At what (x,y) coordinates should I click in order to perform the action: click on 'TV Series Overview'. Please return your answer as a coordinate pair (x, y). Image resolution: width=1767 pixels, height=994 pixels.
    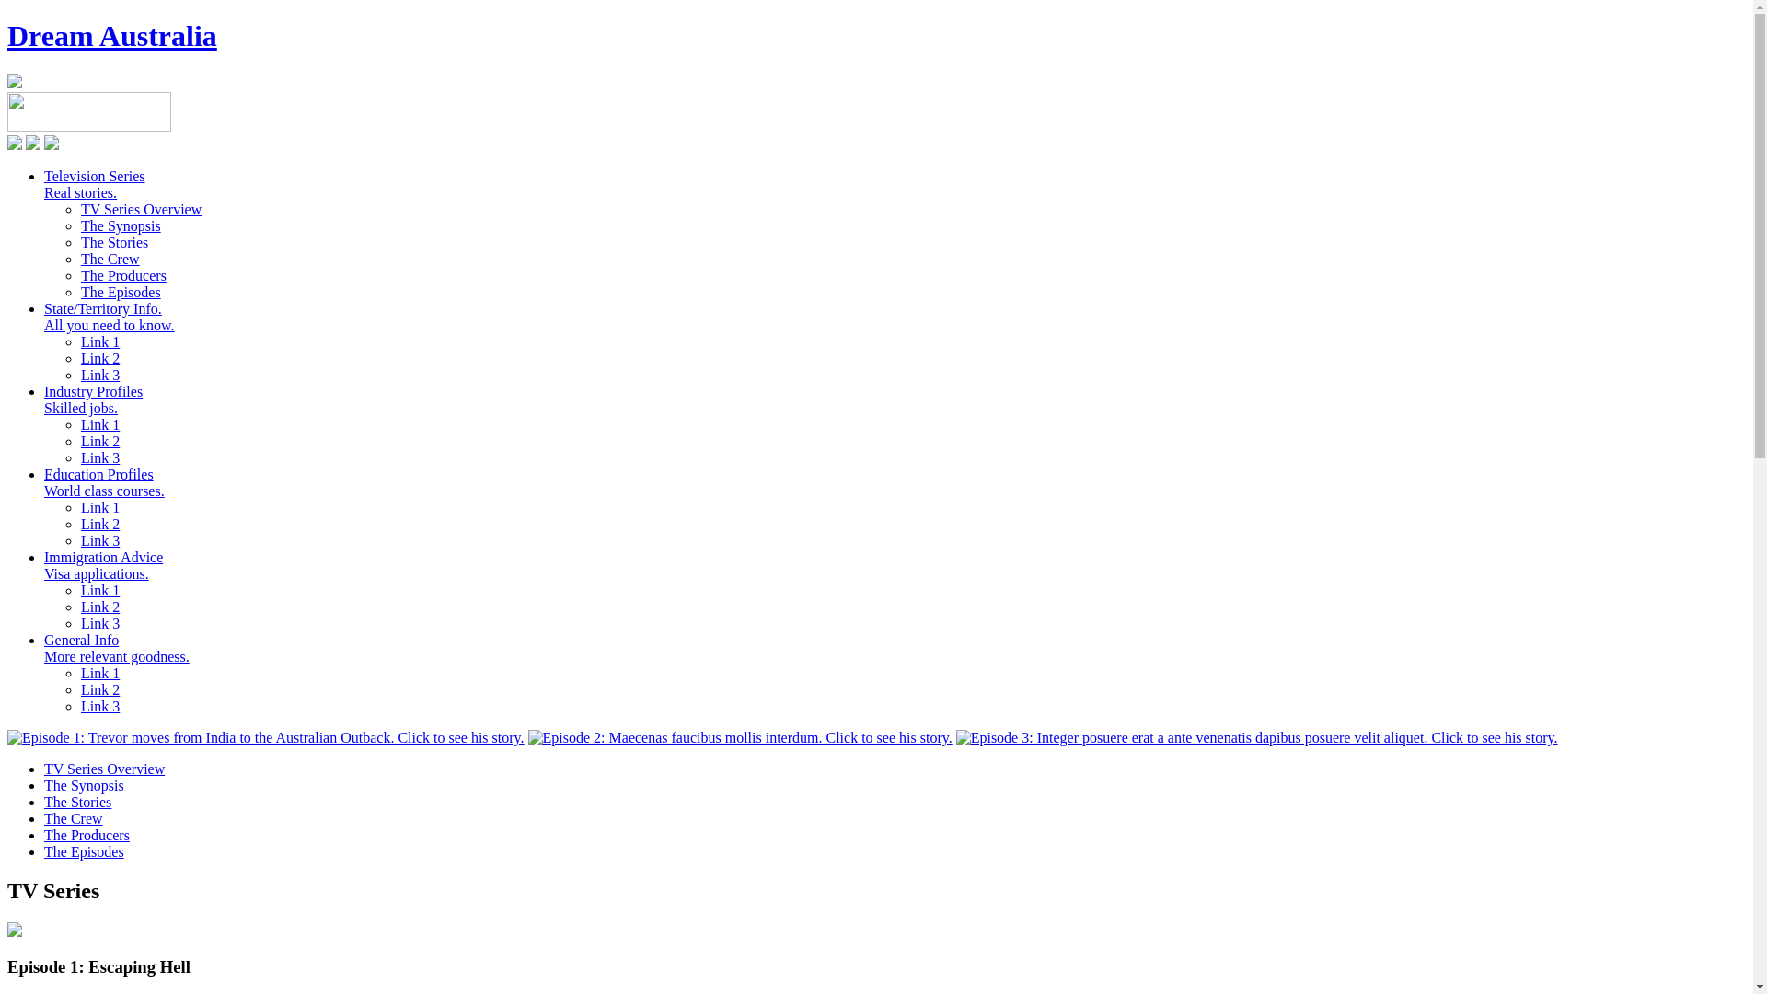
    Looking at the image, I should click on (103, 769).